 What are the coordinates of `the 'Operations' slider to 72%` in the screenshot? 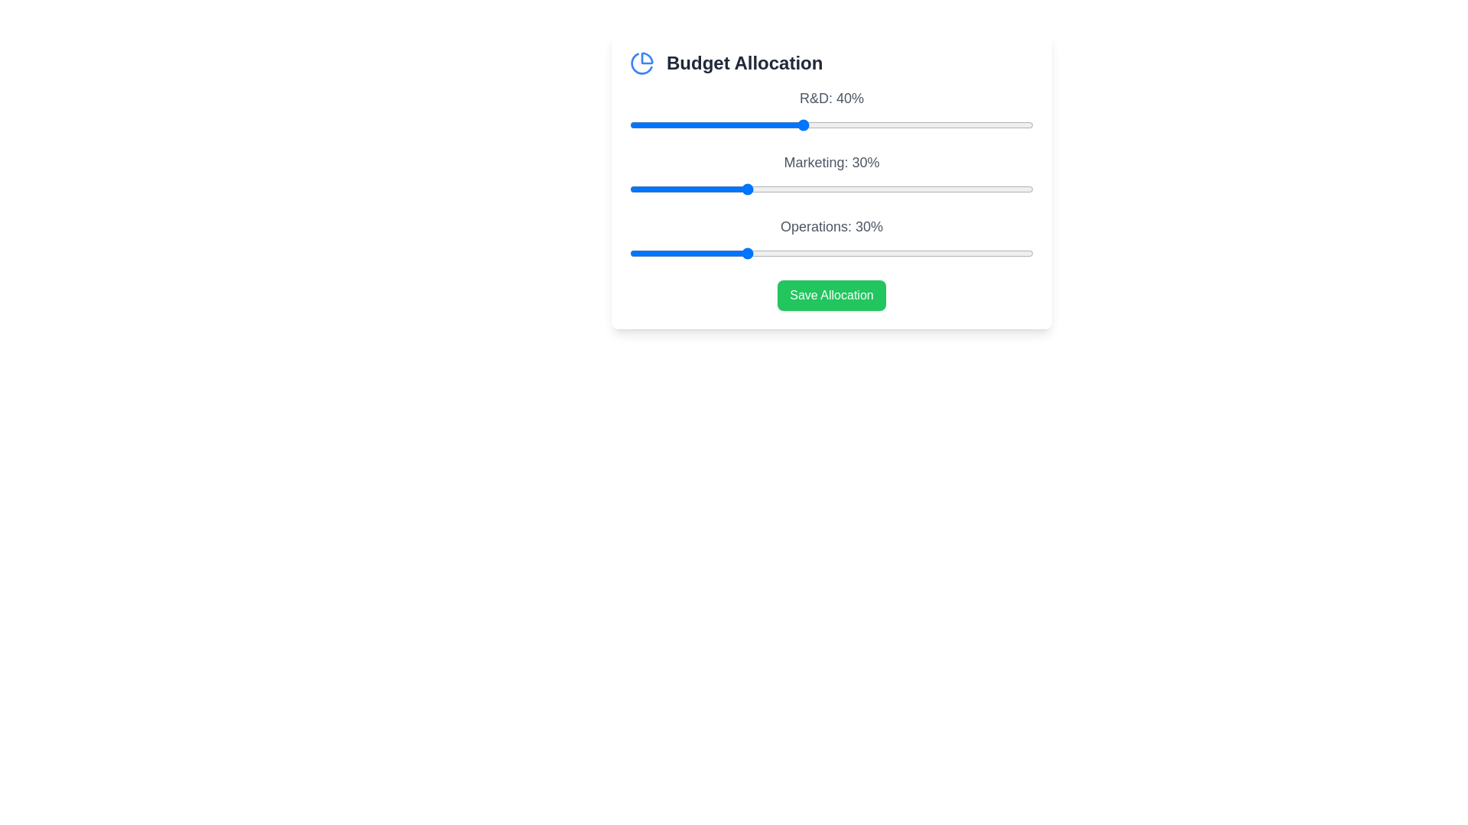 It's located at (987, 252).